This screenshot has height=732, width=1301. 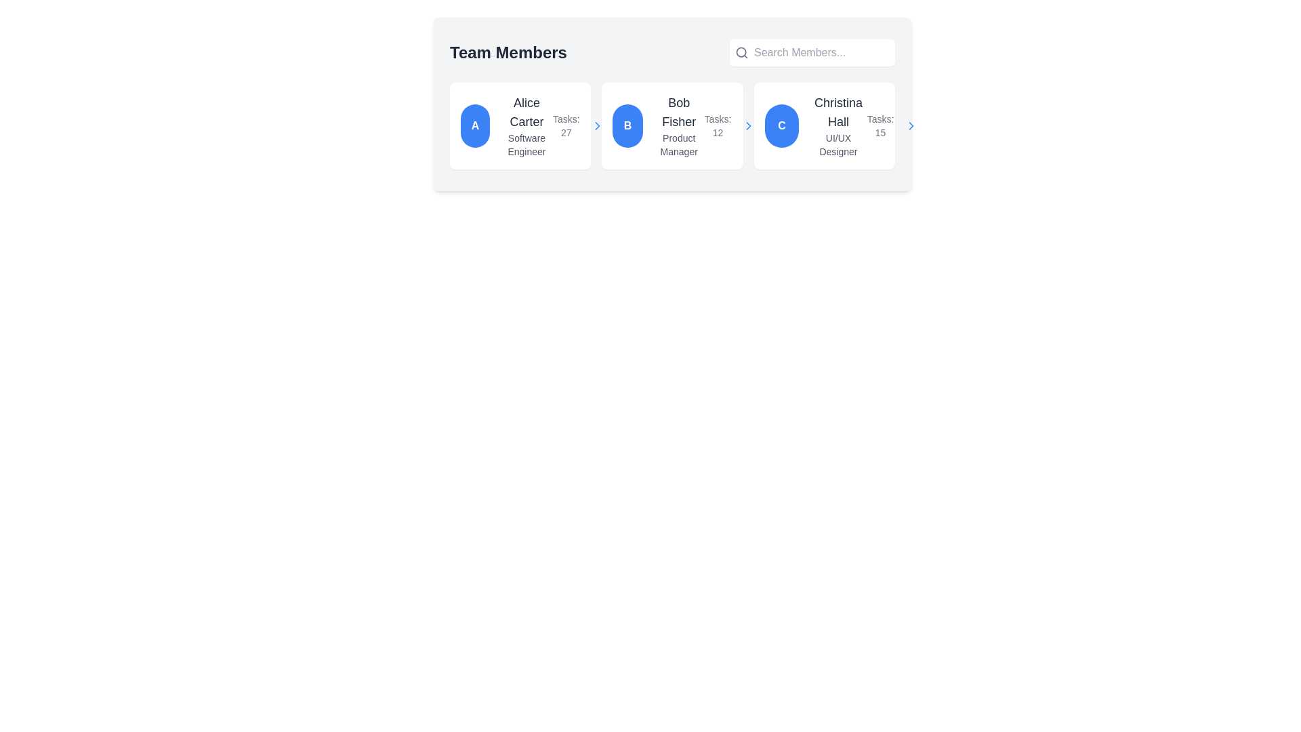 I want to click on text from the bold 'Team Members' label located at the top-left side of the header section, so click(x=508, y=52).